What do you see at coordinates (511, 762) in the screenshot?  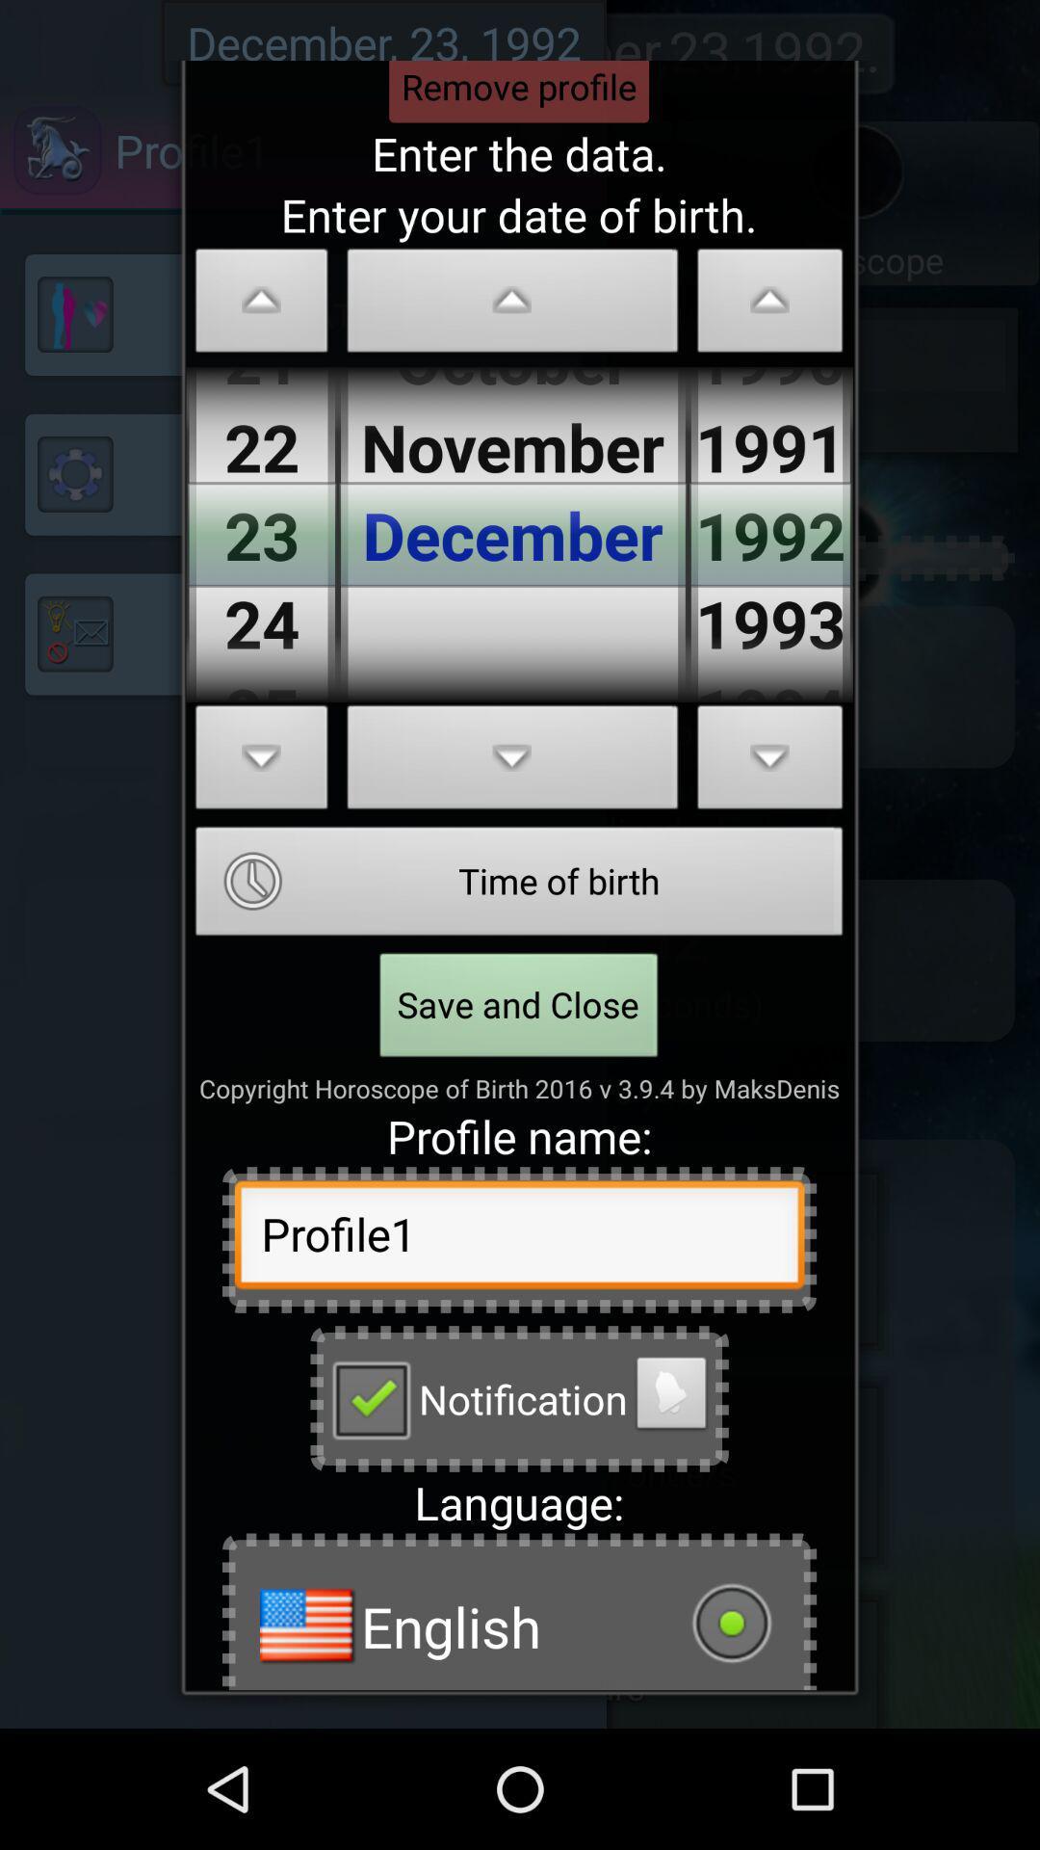 I see `scroll down button` at bounding box center [511, 762].